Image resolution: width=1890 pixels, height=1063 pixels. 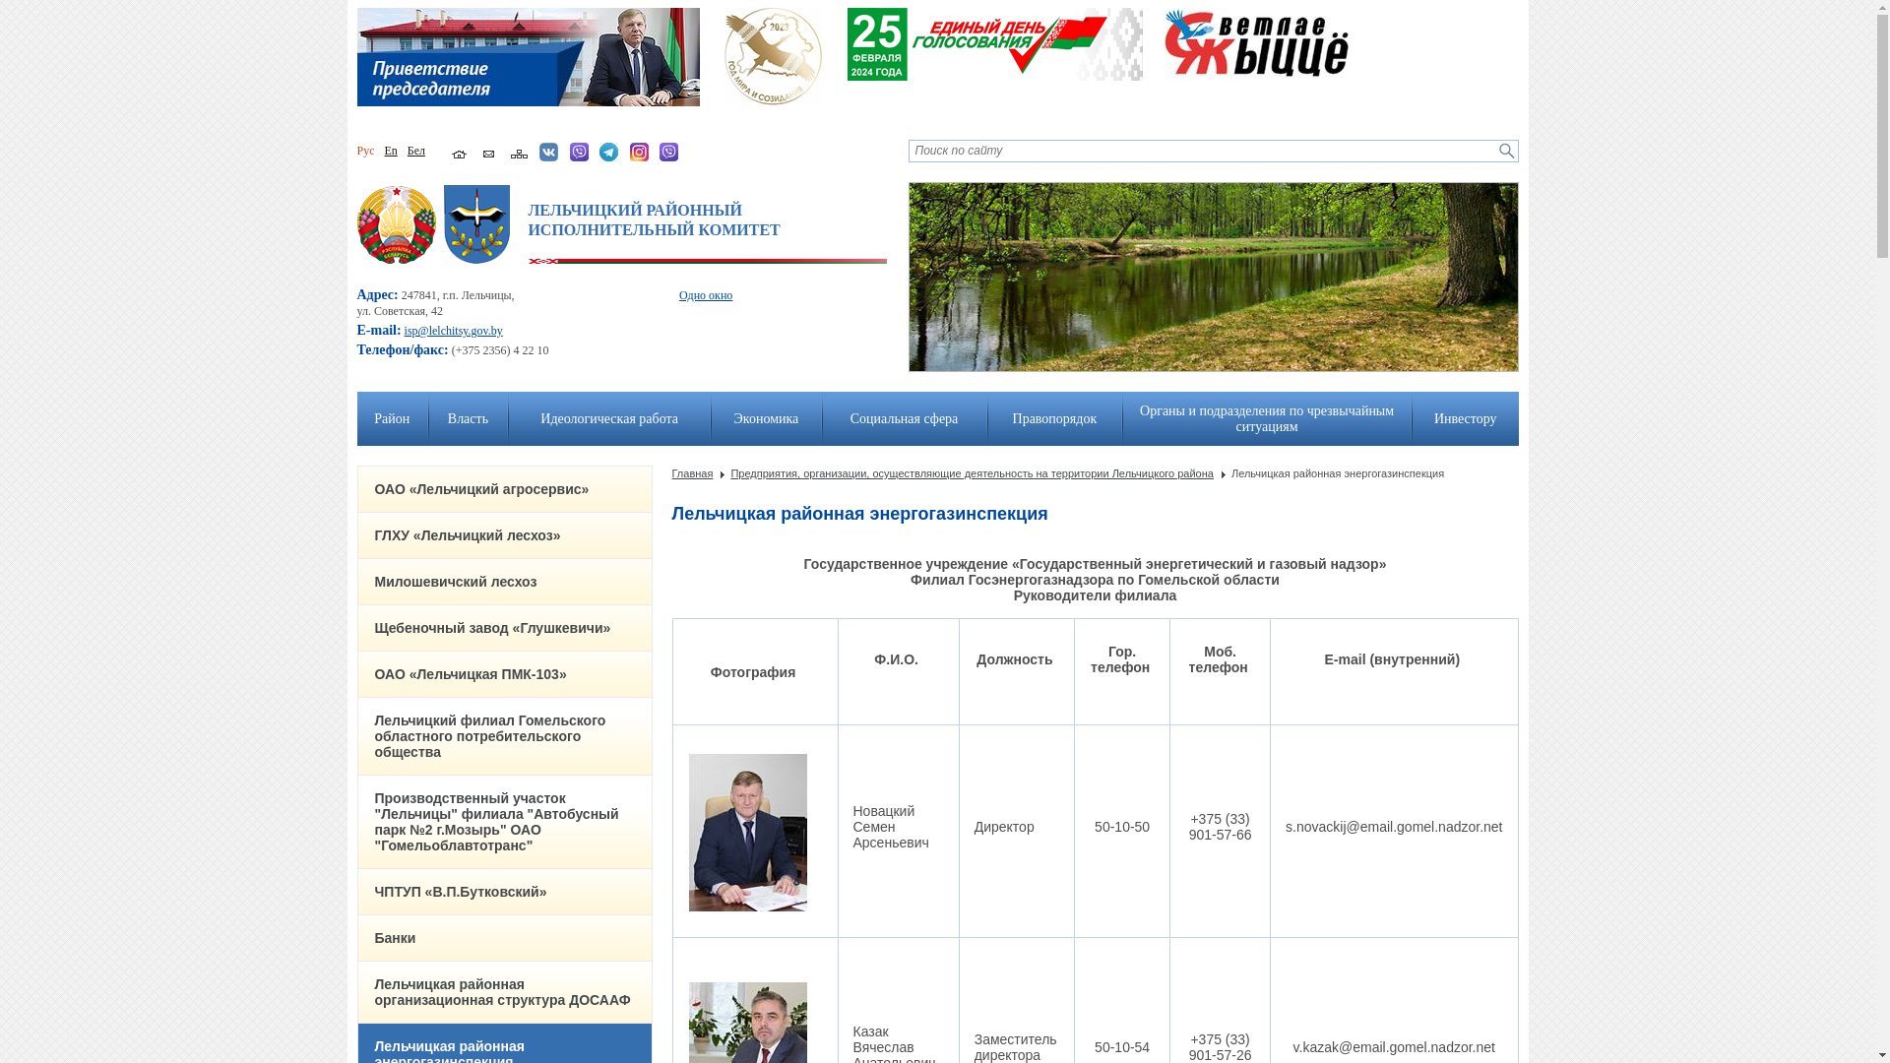 I want to click on 'isp@lelchitsy.gov.by', so click(x=452, y=329).